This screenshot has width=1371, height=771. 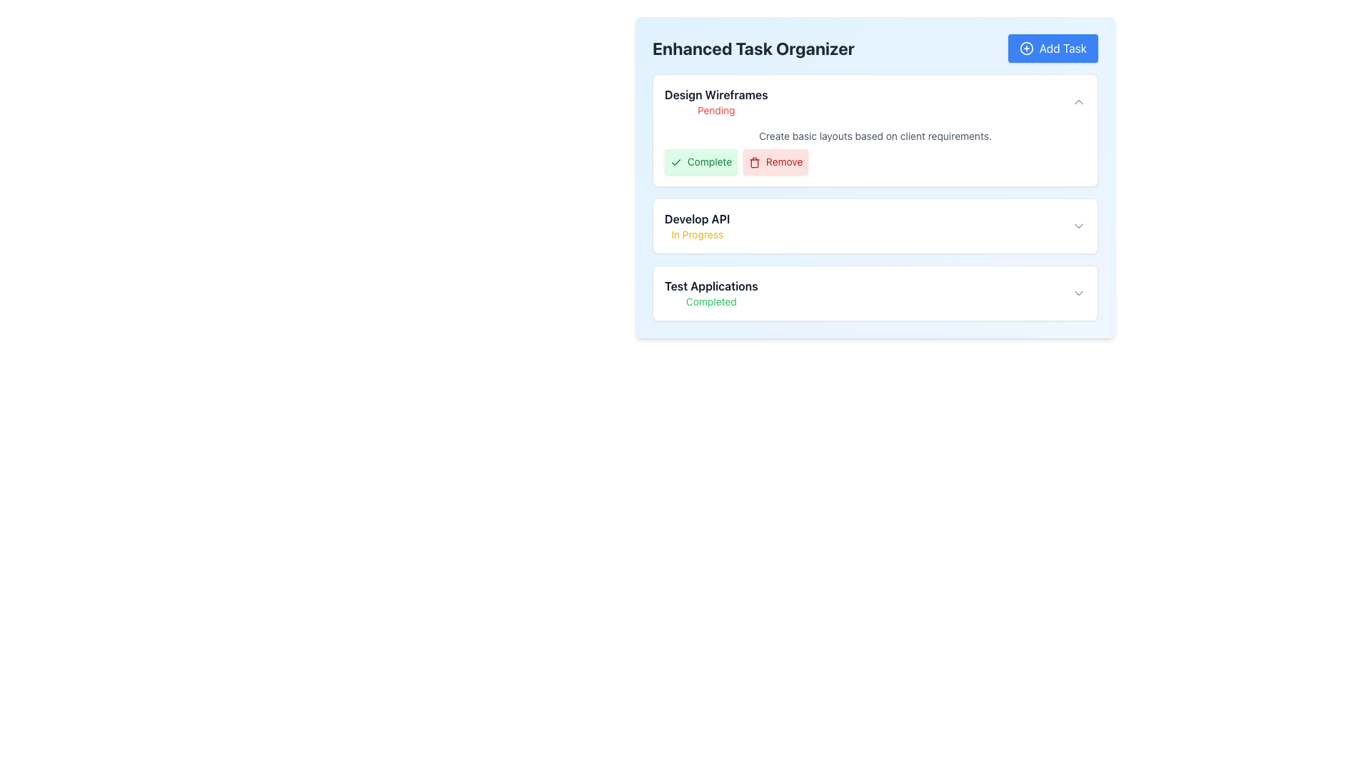 I want to click on the static label that serves as the title for the task, located above the smaller text 'In Progress' in the task card, so click(x=697, y=219).